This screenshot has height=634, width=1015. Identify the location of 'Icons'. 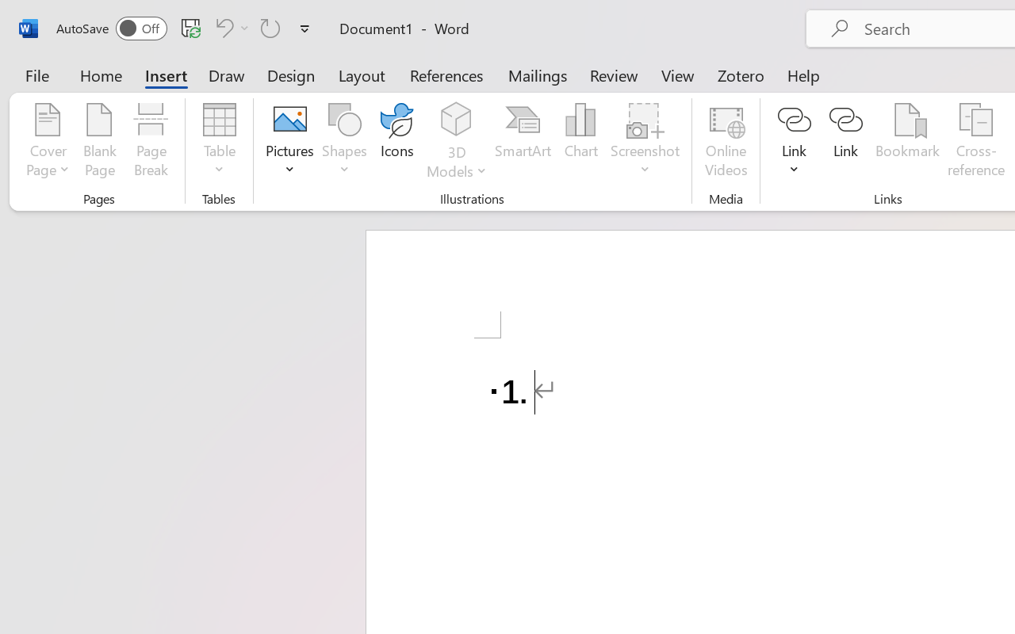
(397, 142).